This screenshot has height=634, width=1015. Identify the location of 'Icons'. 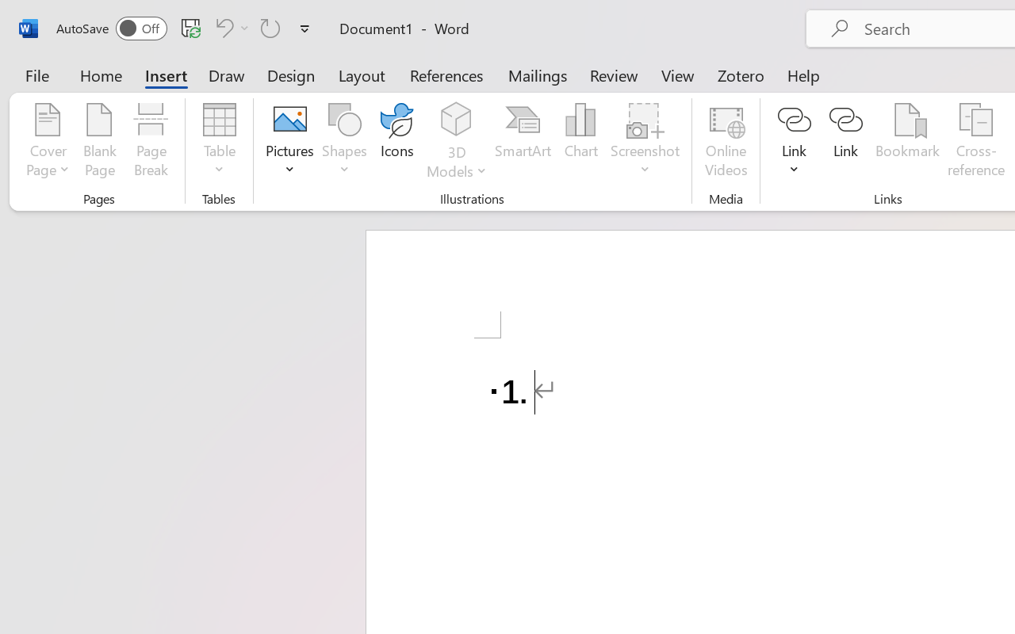
(397, 142).